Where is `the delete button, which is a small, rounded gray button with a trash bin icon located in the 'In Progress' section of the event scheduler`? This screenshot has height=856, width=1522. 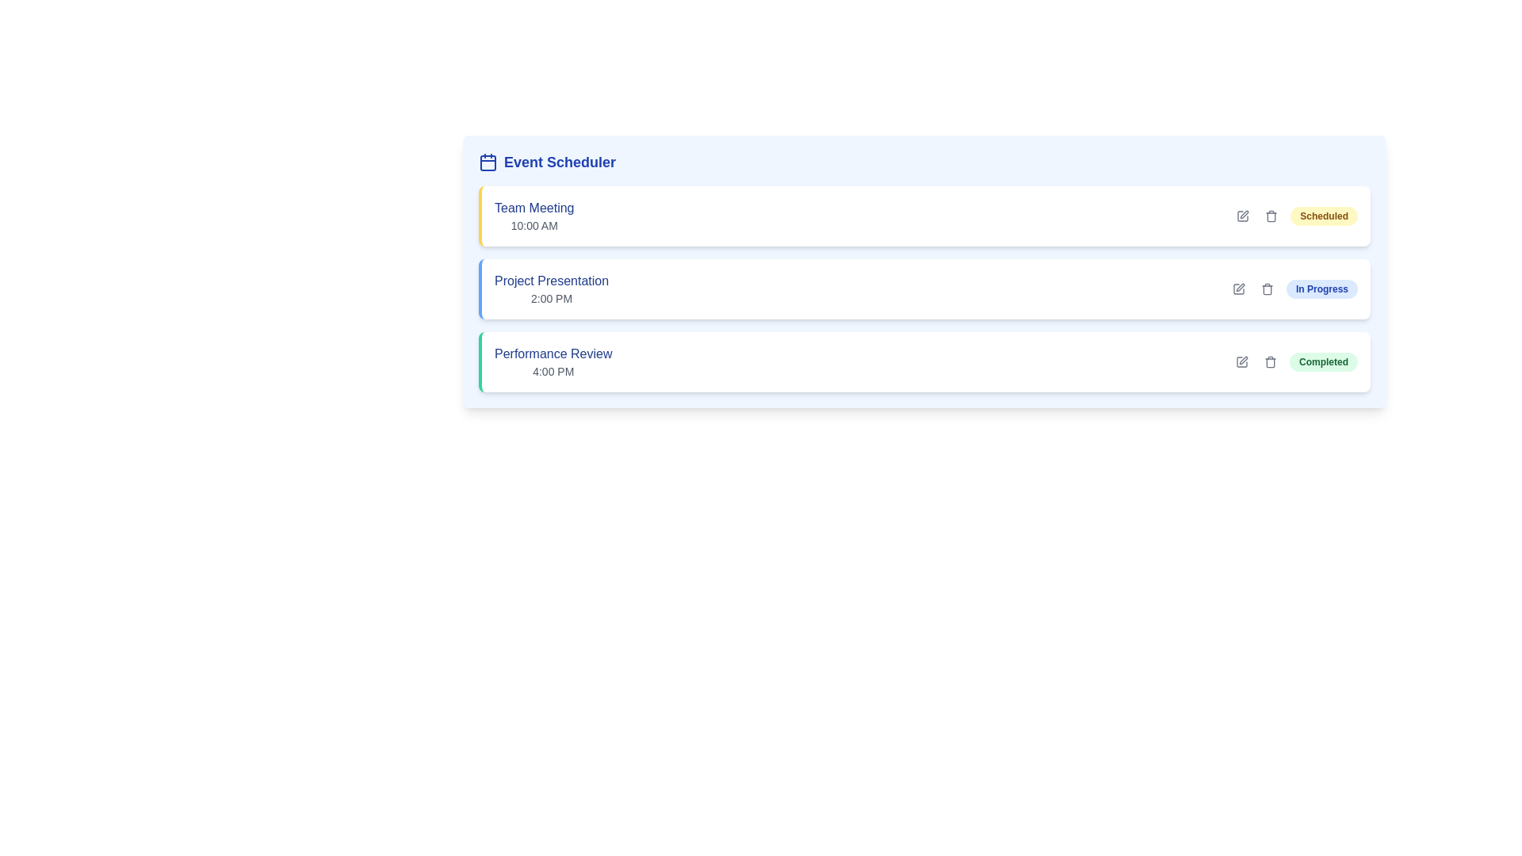
the delete button, which is a small, rounded gray button with a trash bin icon located in the 'In Progress' section of the event scheduler is located at coordinates (1266, 289).